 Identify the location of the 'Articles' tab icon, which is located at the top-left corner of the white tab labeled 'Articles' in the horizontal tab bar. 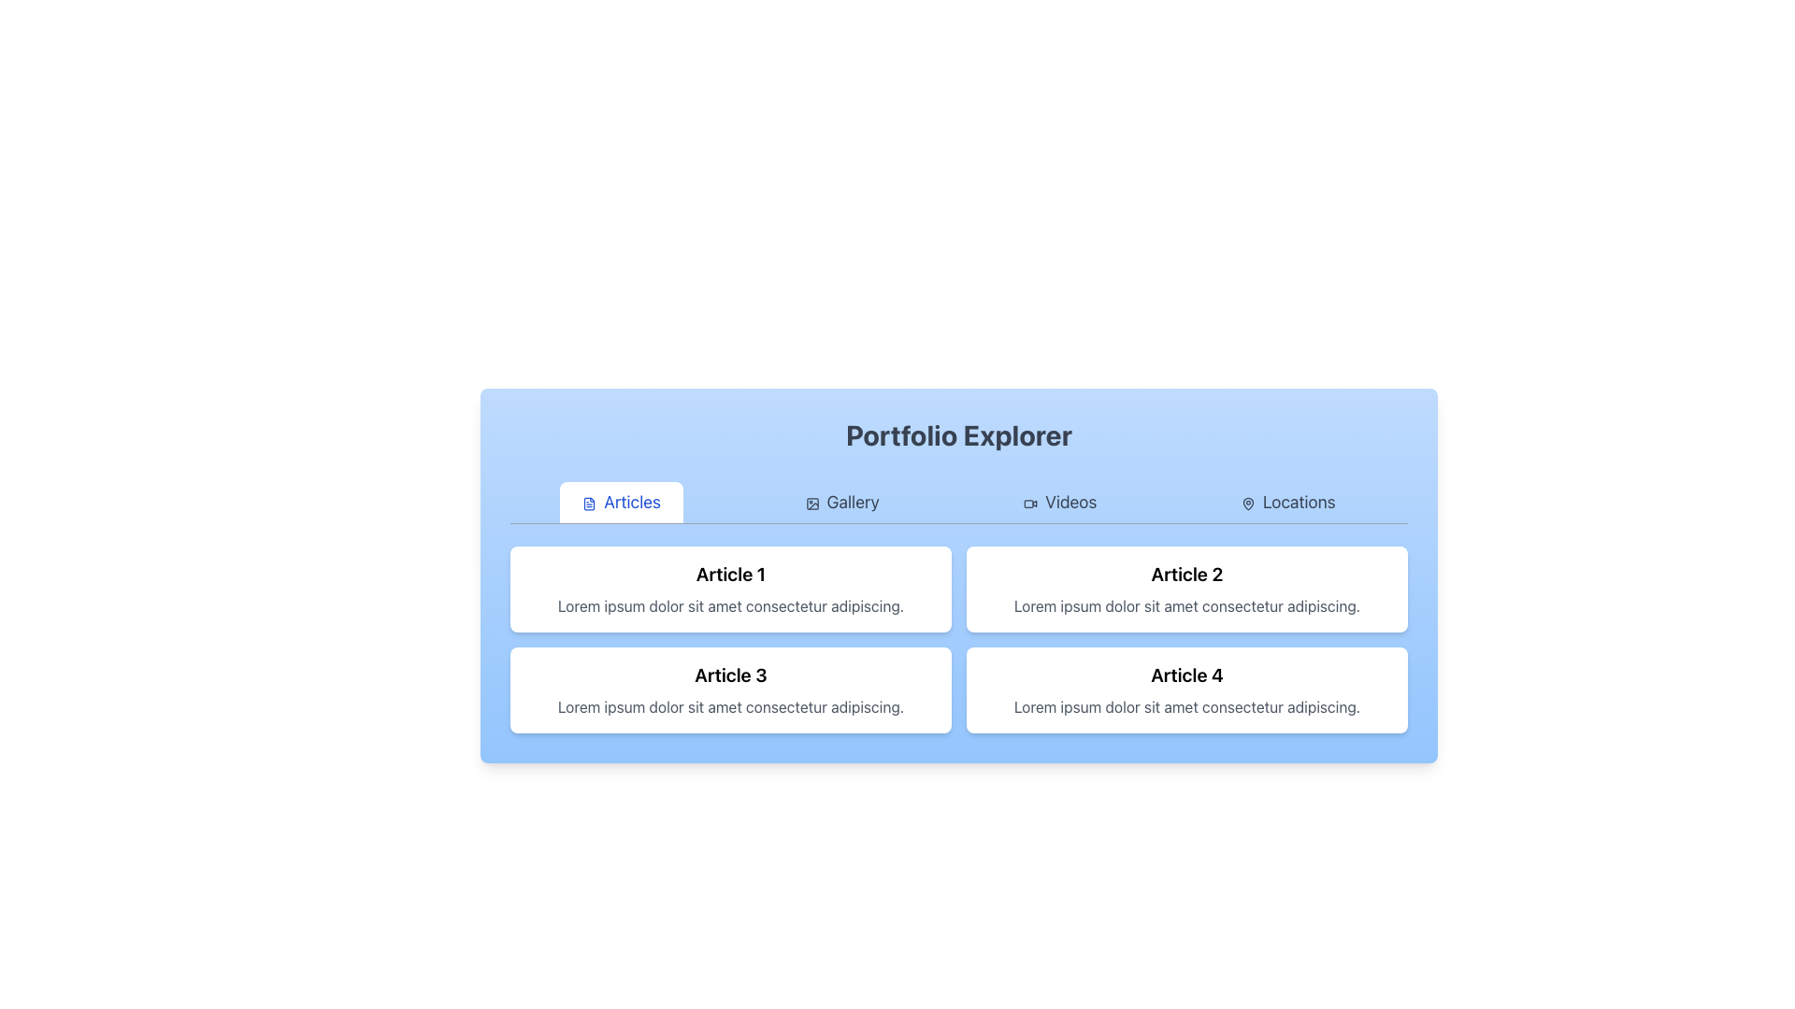
(588, 503).